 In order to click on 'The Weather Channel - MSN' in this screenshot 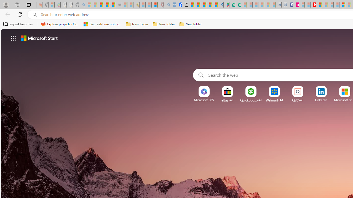, I will do `click(100, 5)`.